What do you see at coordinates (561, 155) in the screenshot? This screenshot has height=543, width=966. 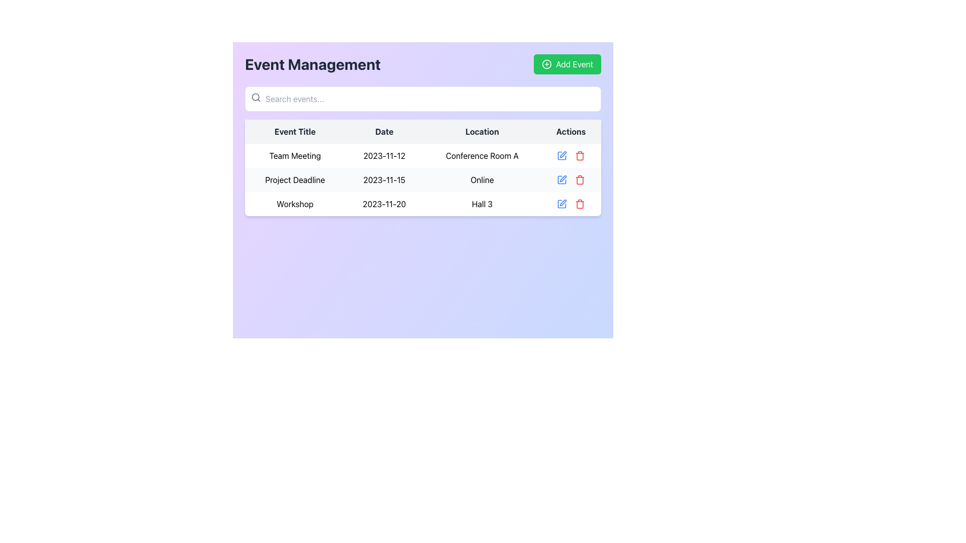 I see `the edit icon button located in the 'Actions' column for the event labeled 'Team Meeting'` at bounding box center [561, 155].